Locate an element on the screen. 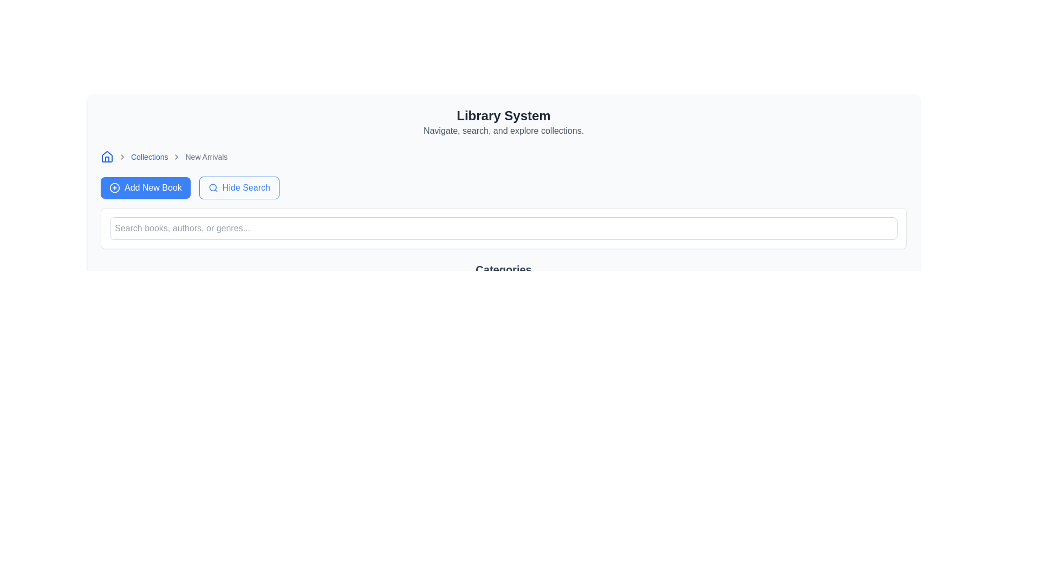 This screenshot has height=585, width=1040. the 'Collections' hyperlink located in the breadcrumb navigation bar, positioned between the Home icon and the text 'New Arrivals' is located at coordinates (149, 157).